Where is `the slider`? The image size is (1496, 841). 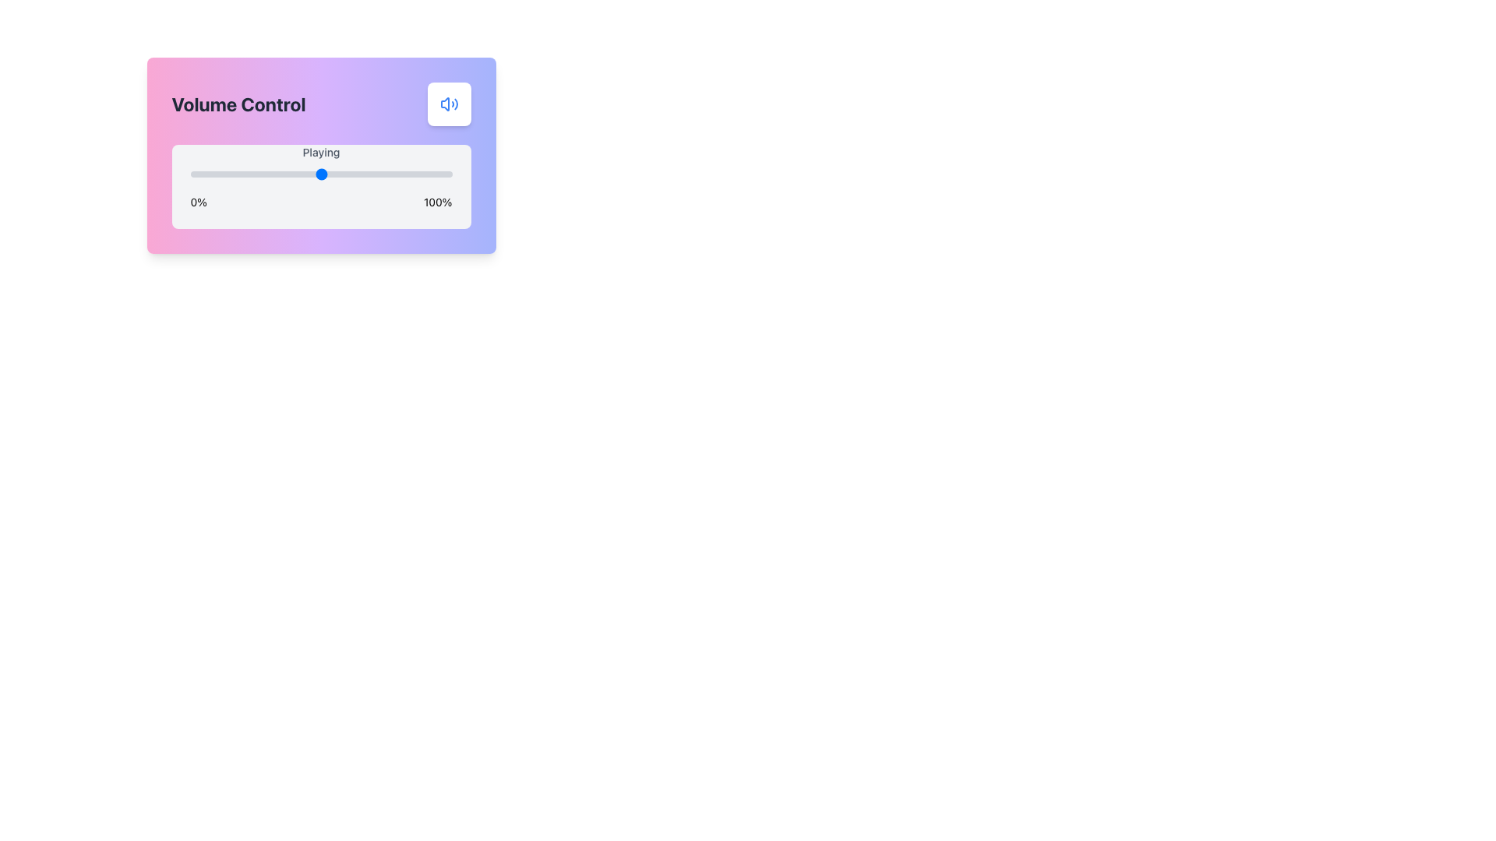
the slider is located at coordinates (236, 174).